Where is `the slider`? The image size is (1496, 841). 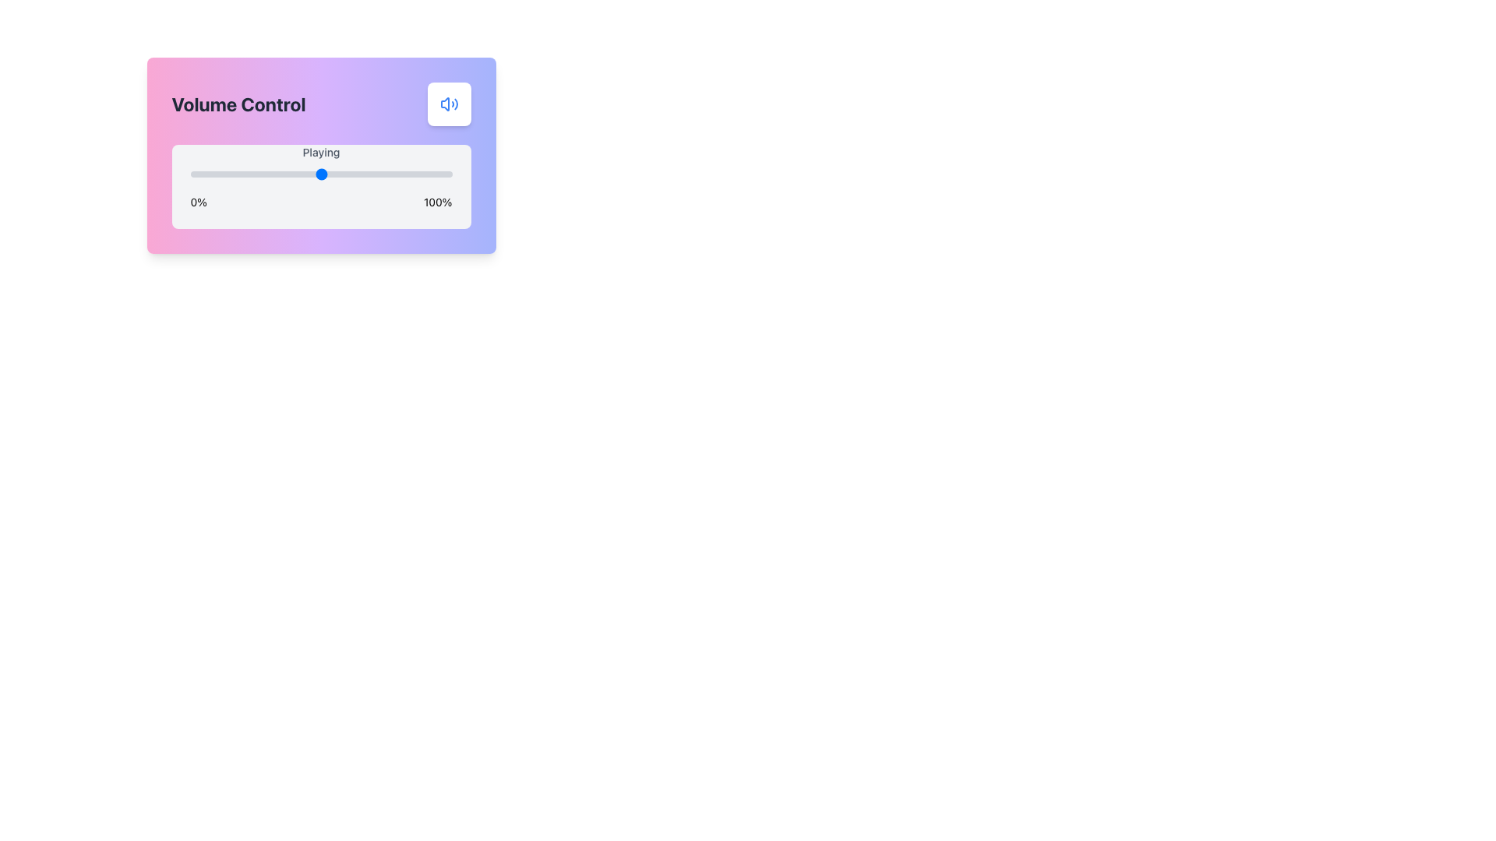
the slider is located at coordinates (236, 174).